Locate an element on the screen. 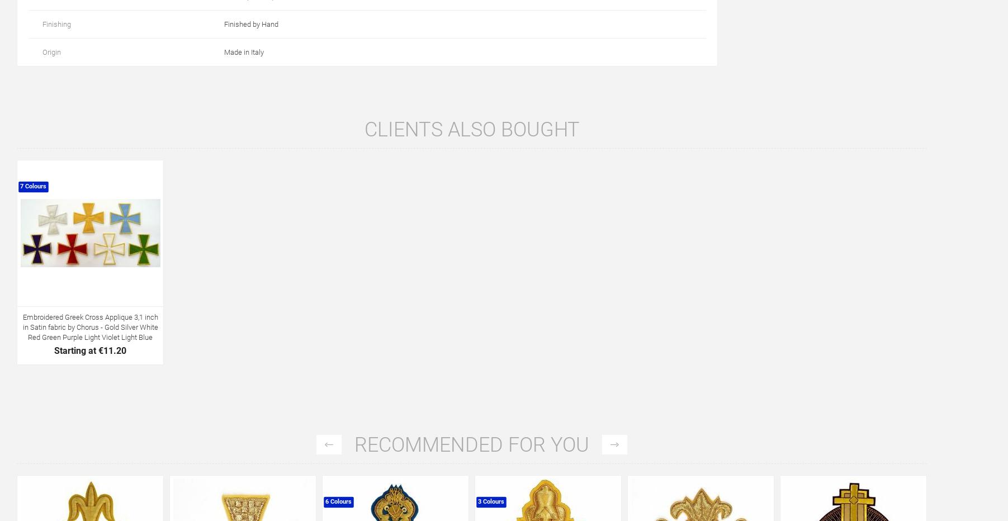 The height and width of the screenshot is (521, 1008). 'Finished by Hand' is located at coordinates (251, 23).